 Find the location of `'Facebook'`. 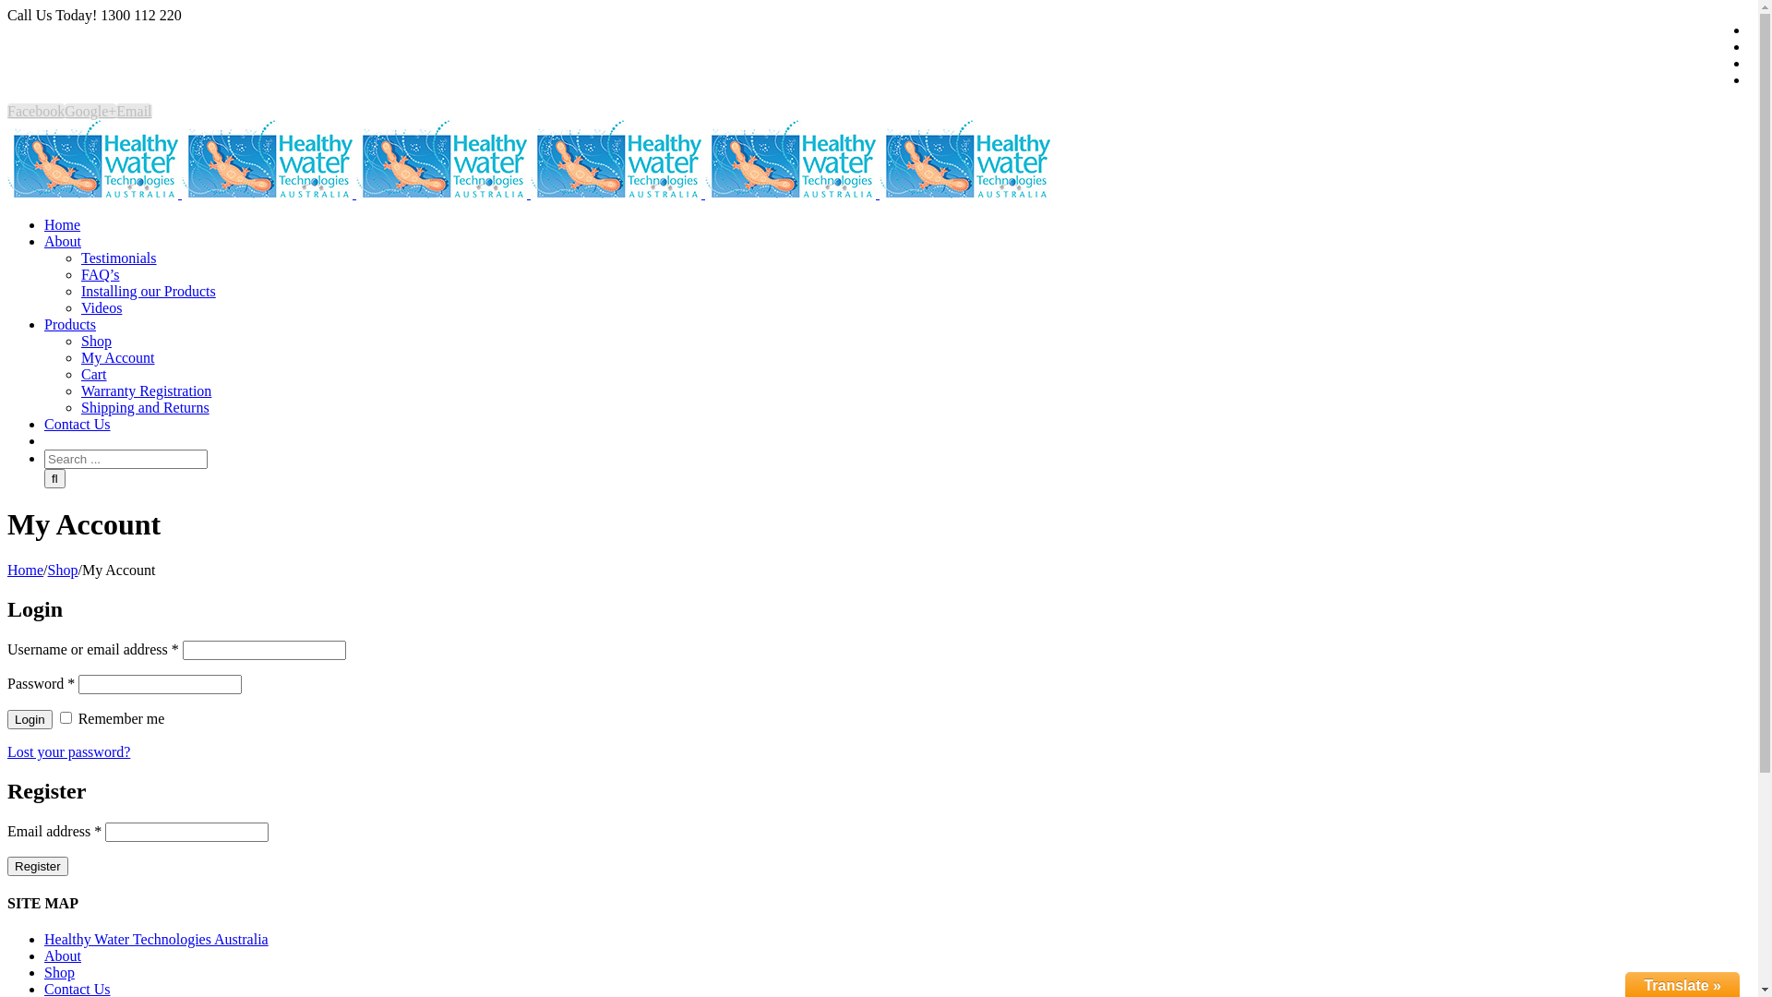

'Facebook' is located at coordinates (7, 111).